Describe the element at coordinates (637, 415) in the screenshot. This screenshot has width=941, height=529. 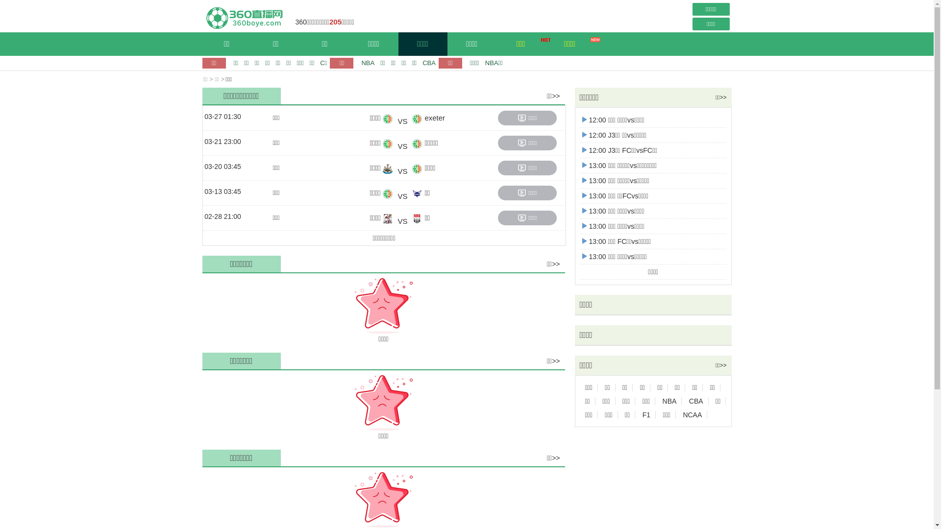
I see `'F1'` at that location.